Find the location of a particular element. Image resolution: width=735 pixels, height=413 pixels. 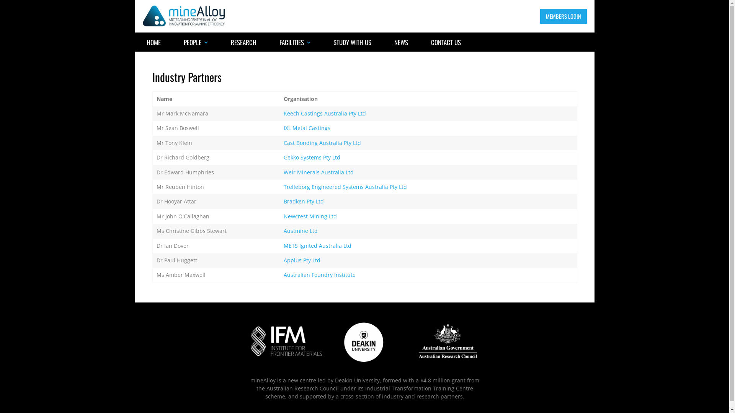

'FACILITIES' is located at coordinates (294, 42).